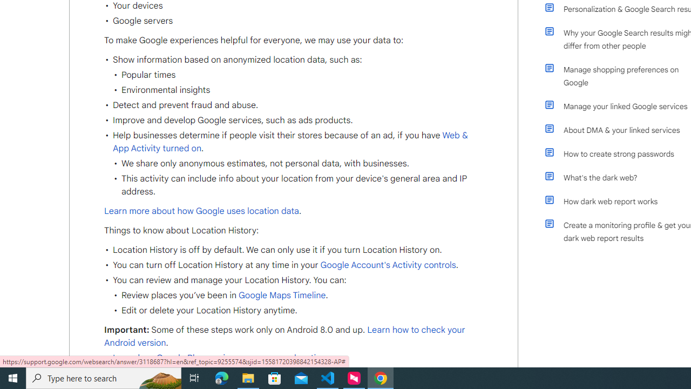 The image size is (691, 389). What do you see at coordinates (284, 336) in the screenshot?
I see `'Learn how to check your Android version'` at bounding box center [284, 336].